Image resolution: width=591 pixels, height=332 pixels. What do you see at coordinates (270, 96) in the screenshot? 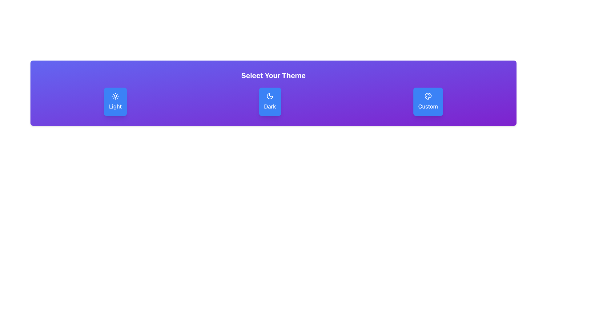
I see `the moon-shaped icon within the blue rounded rectangular button labeled 'Dark'` at bounding box center [270, 96].